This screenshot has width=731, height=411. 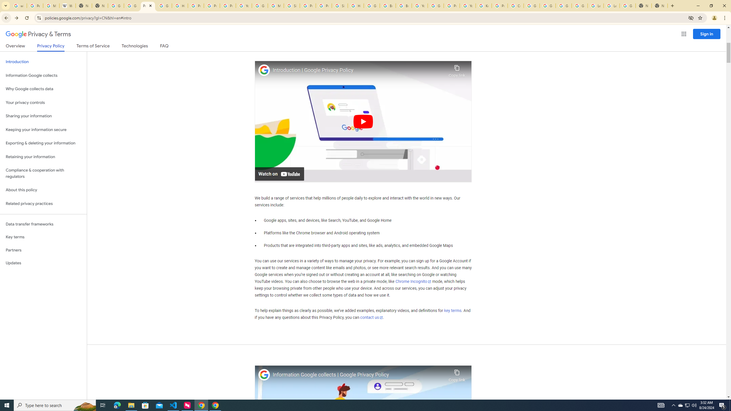 I want to click on 'Information Google collects', so click(x=43, y=75).